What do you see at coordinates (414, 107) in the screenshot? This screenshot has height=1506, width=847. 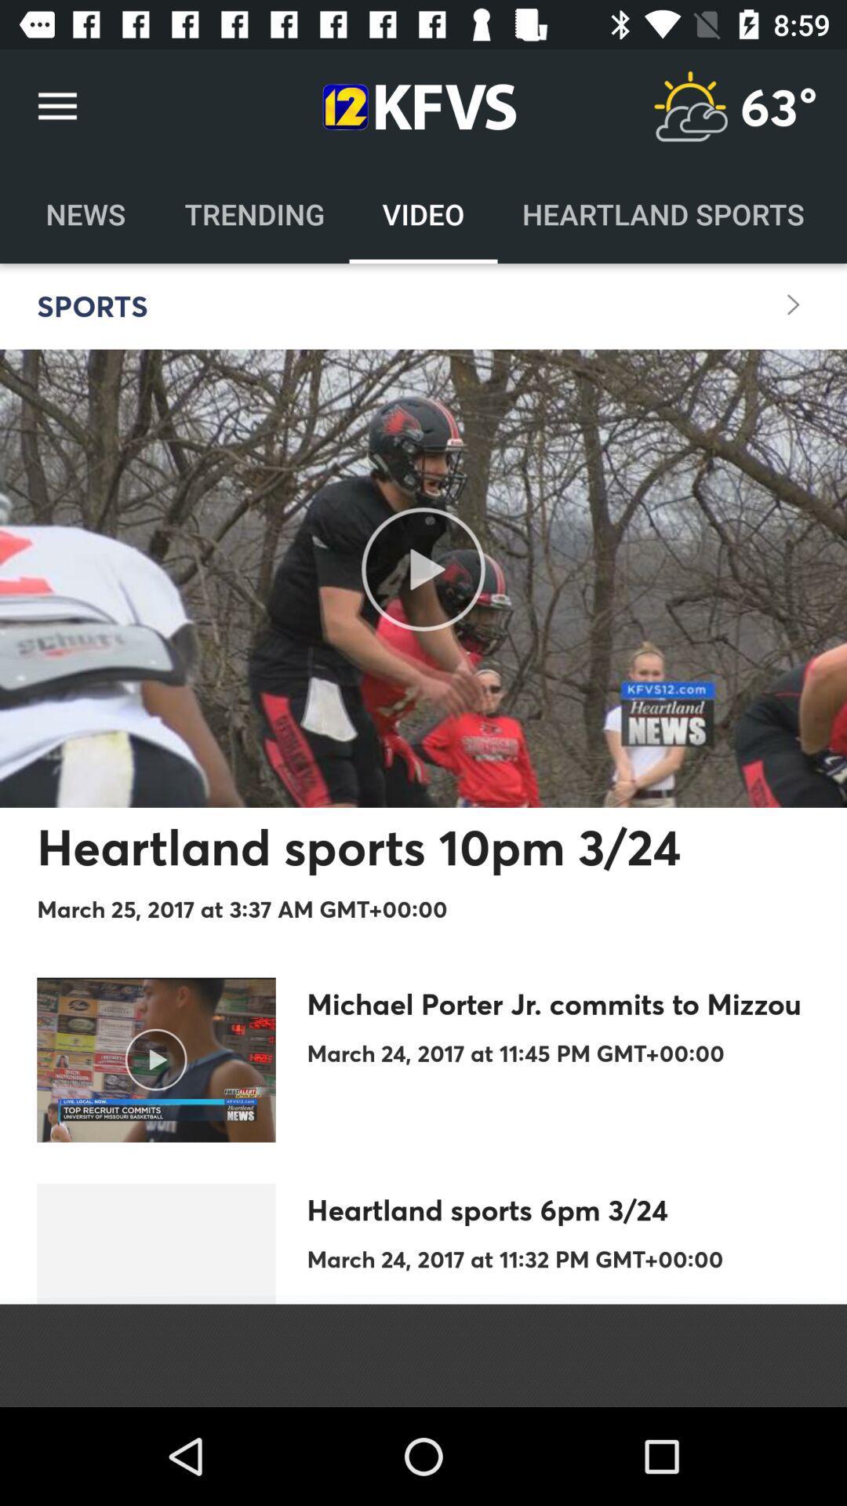 I see `the image above video option` at bounding box center [414, 107].